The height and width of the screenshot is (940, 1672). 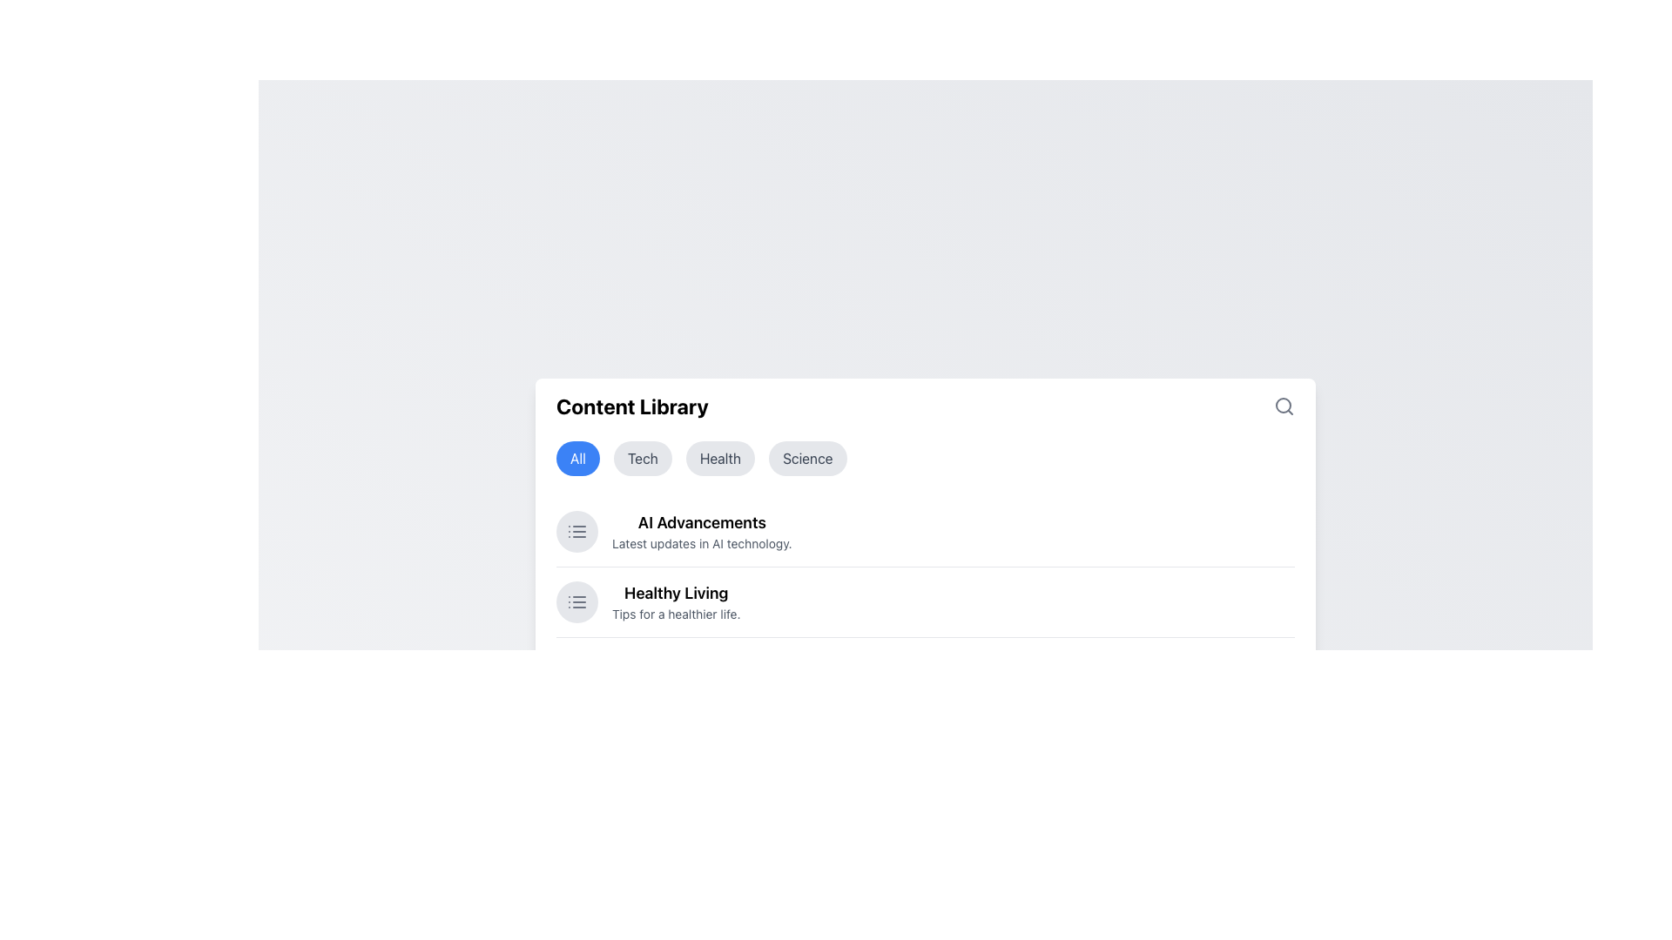 I want to click on the Icon Button located to the left of the 'Healthy Living' text in the 'Content Library' section to interact with the content, so click(x=576, y=530).